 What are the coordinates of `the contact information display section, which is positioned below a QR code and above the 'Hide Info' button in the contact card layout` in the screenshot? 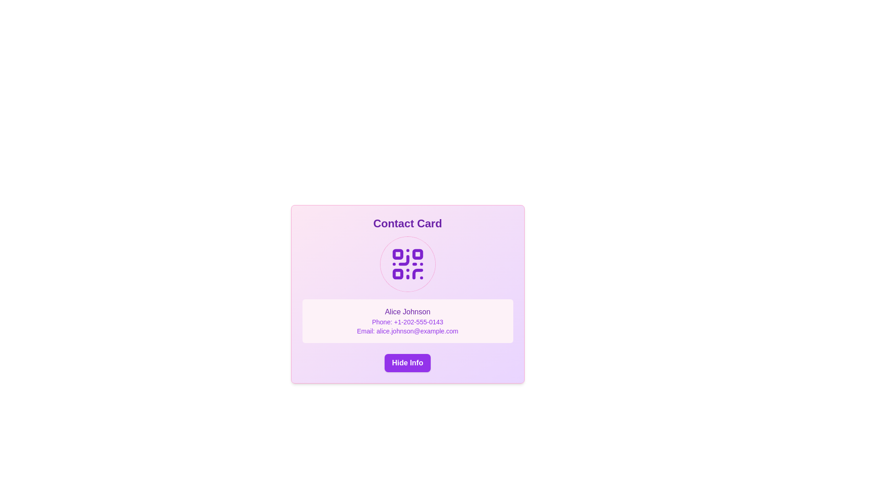 It's located at (407, 321).